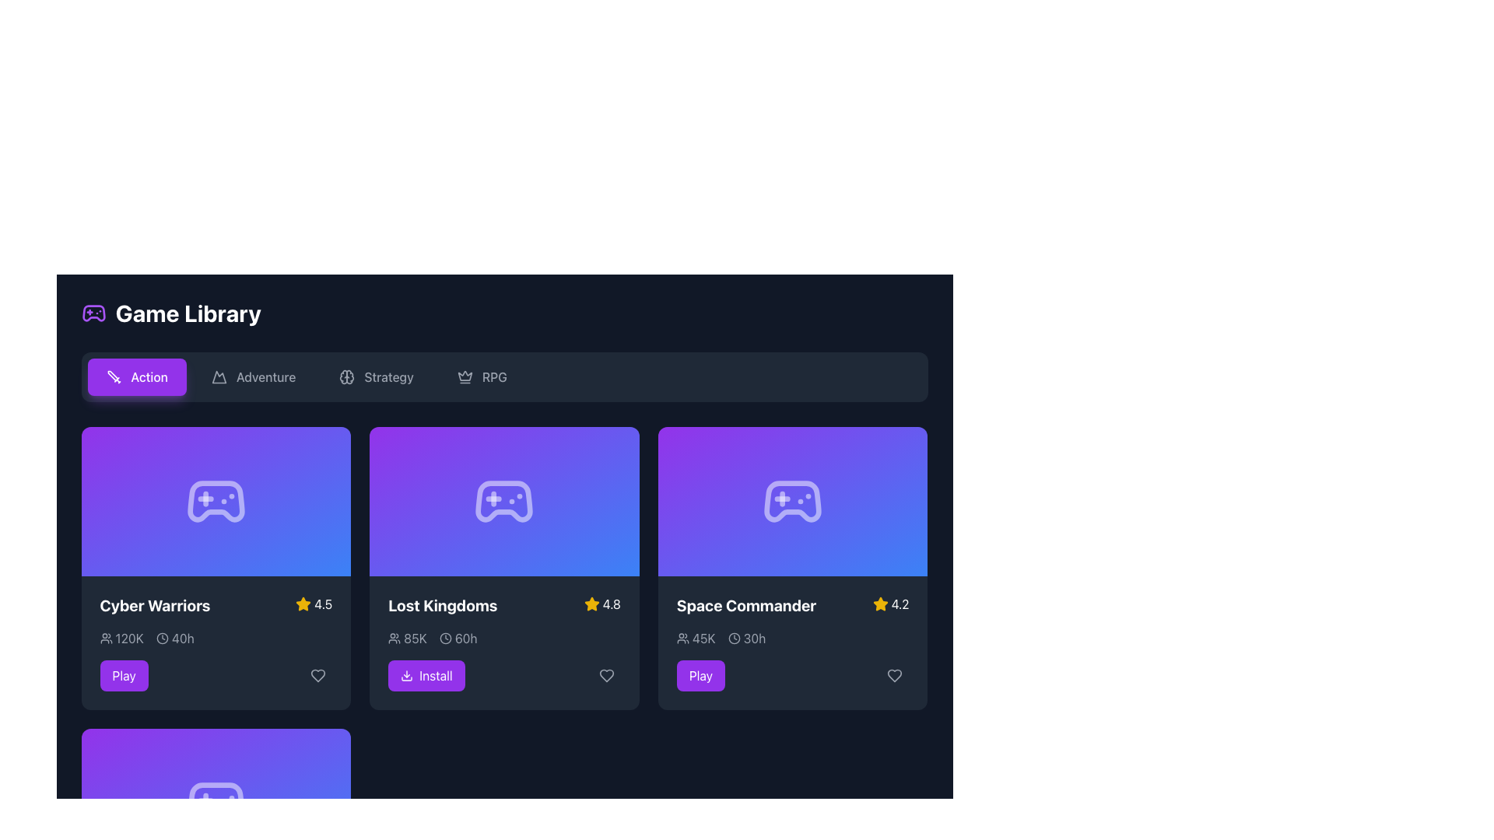  Describe the element at coordinates (415, 639) in the screenshot. I see `the text label displaying '85K' which indicates user or player count, located next to a user icon in the lower section of the 'Lost Kingdoms' game card` at that location.